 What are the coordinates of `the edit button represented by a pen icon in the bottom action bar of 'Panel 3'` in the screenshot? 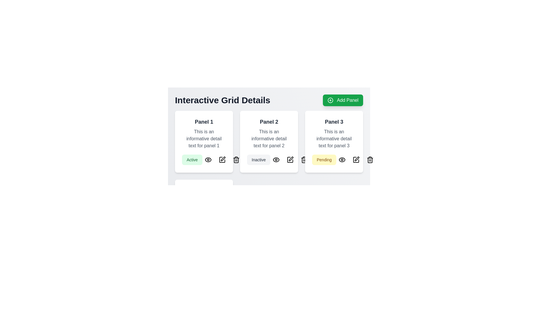 It's located at (356, 160).